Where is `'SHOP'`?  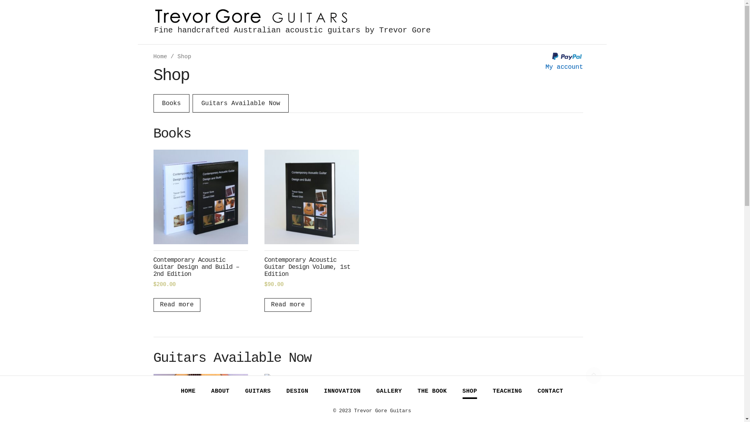
'SHOP' is located at coordinates (470, 392).